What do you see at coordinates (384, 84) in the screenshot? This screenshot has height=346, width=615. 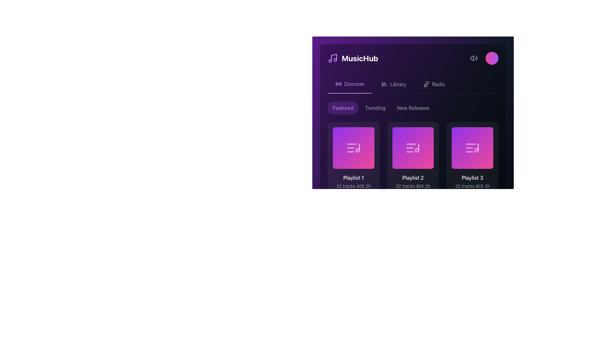 I see `the vertical bar-like icon representing the library in the navigation menu` at bounding box center [384, 84].